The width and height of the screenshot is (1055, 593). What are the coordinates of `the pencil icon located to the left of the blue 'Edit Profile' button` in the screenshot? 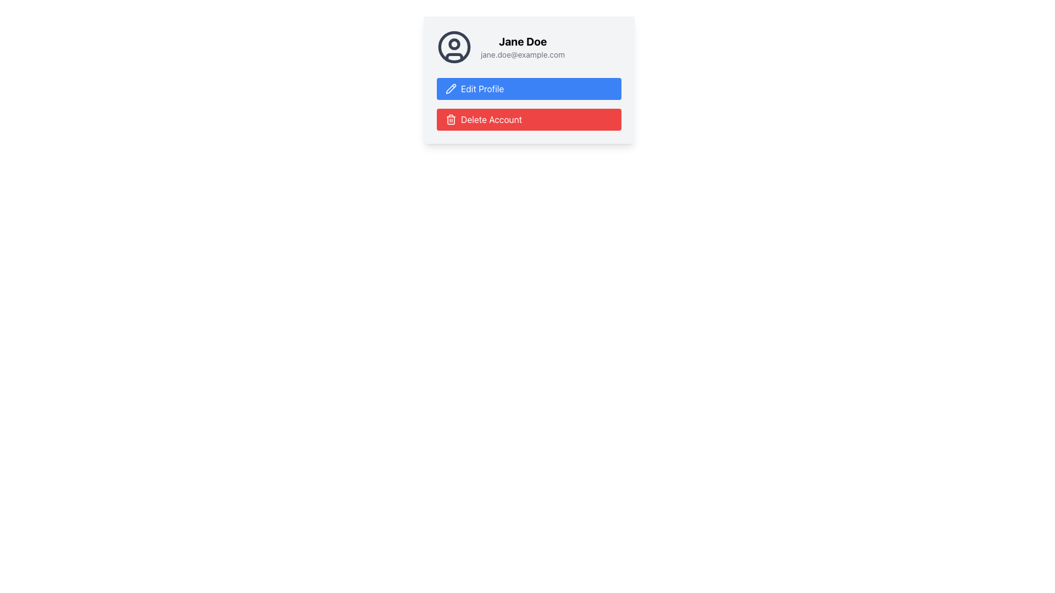 It's located at (451, 88).